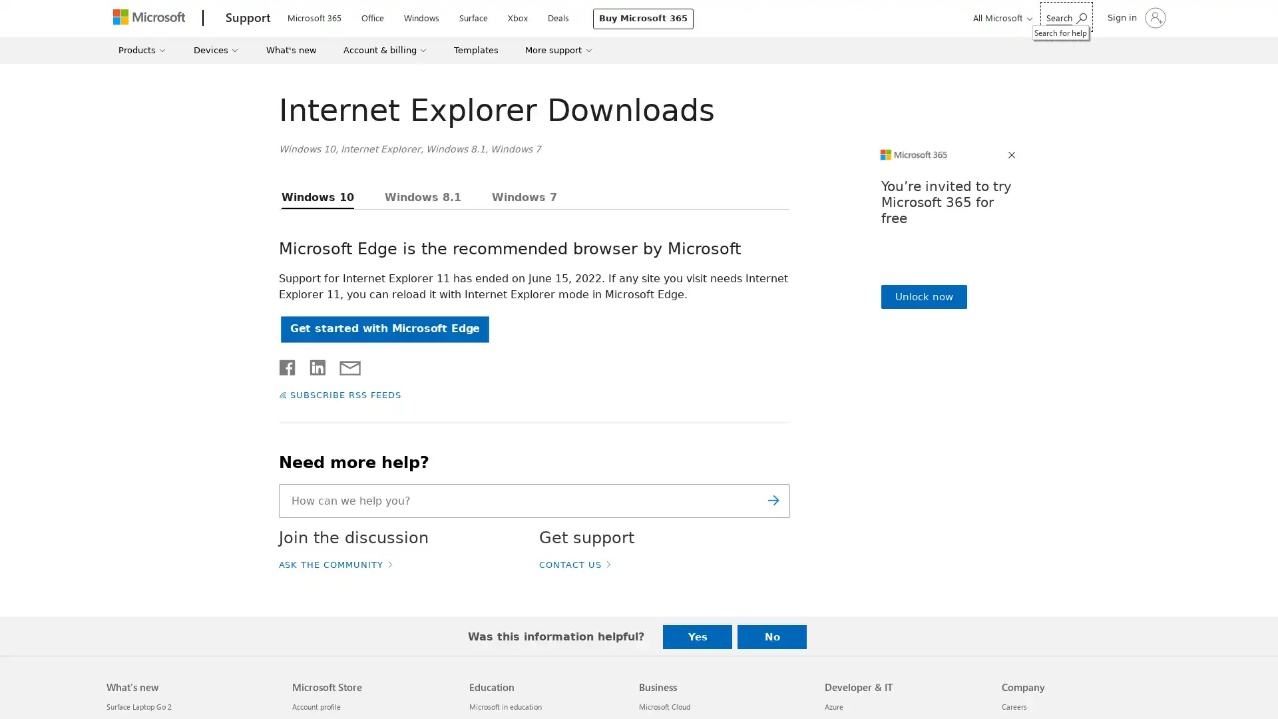 Image resolution: width=1278 pixels, height=719 pixels. Describe the element at coordinates (1000, 17) in the screenshot. I see `All Microsoft expand to see list of Microsoft products and services` at that location.